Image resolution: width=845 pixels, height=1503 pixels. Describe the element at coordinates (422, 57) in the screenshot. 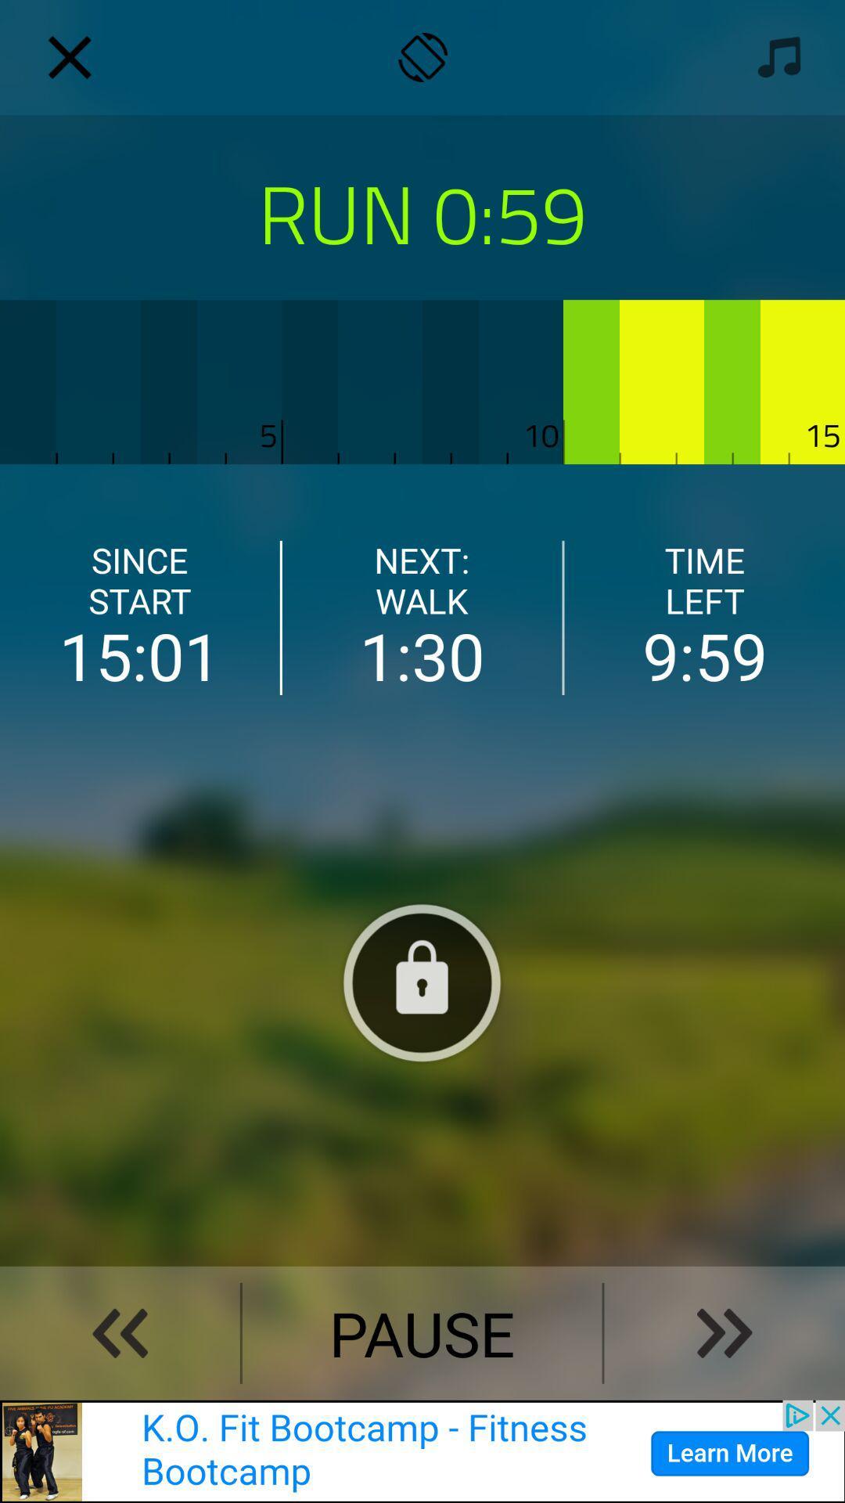

I see `rotate orintation` at that location.